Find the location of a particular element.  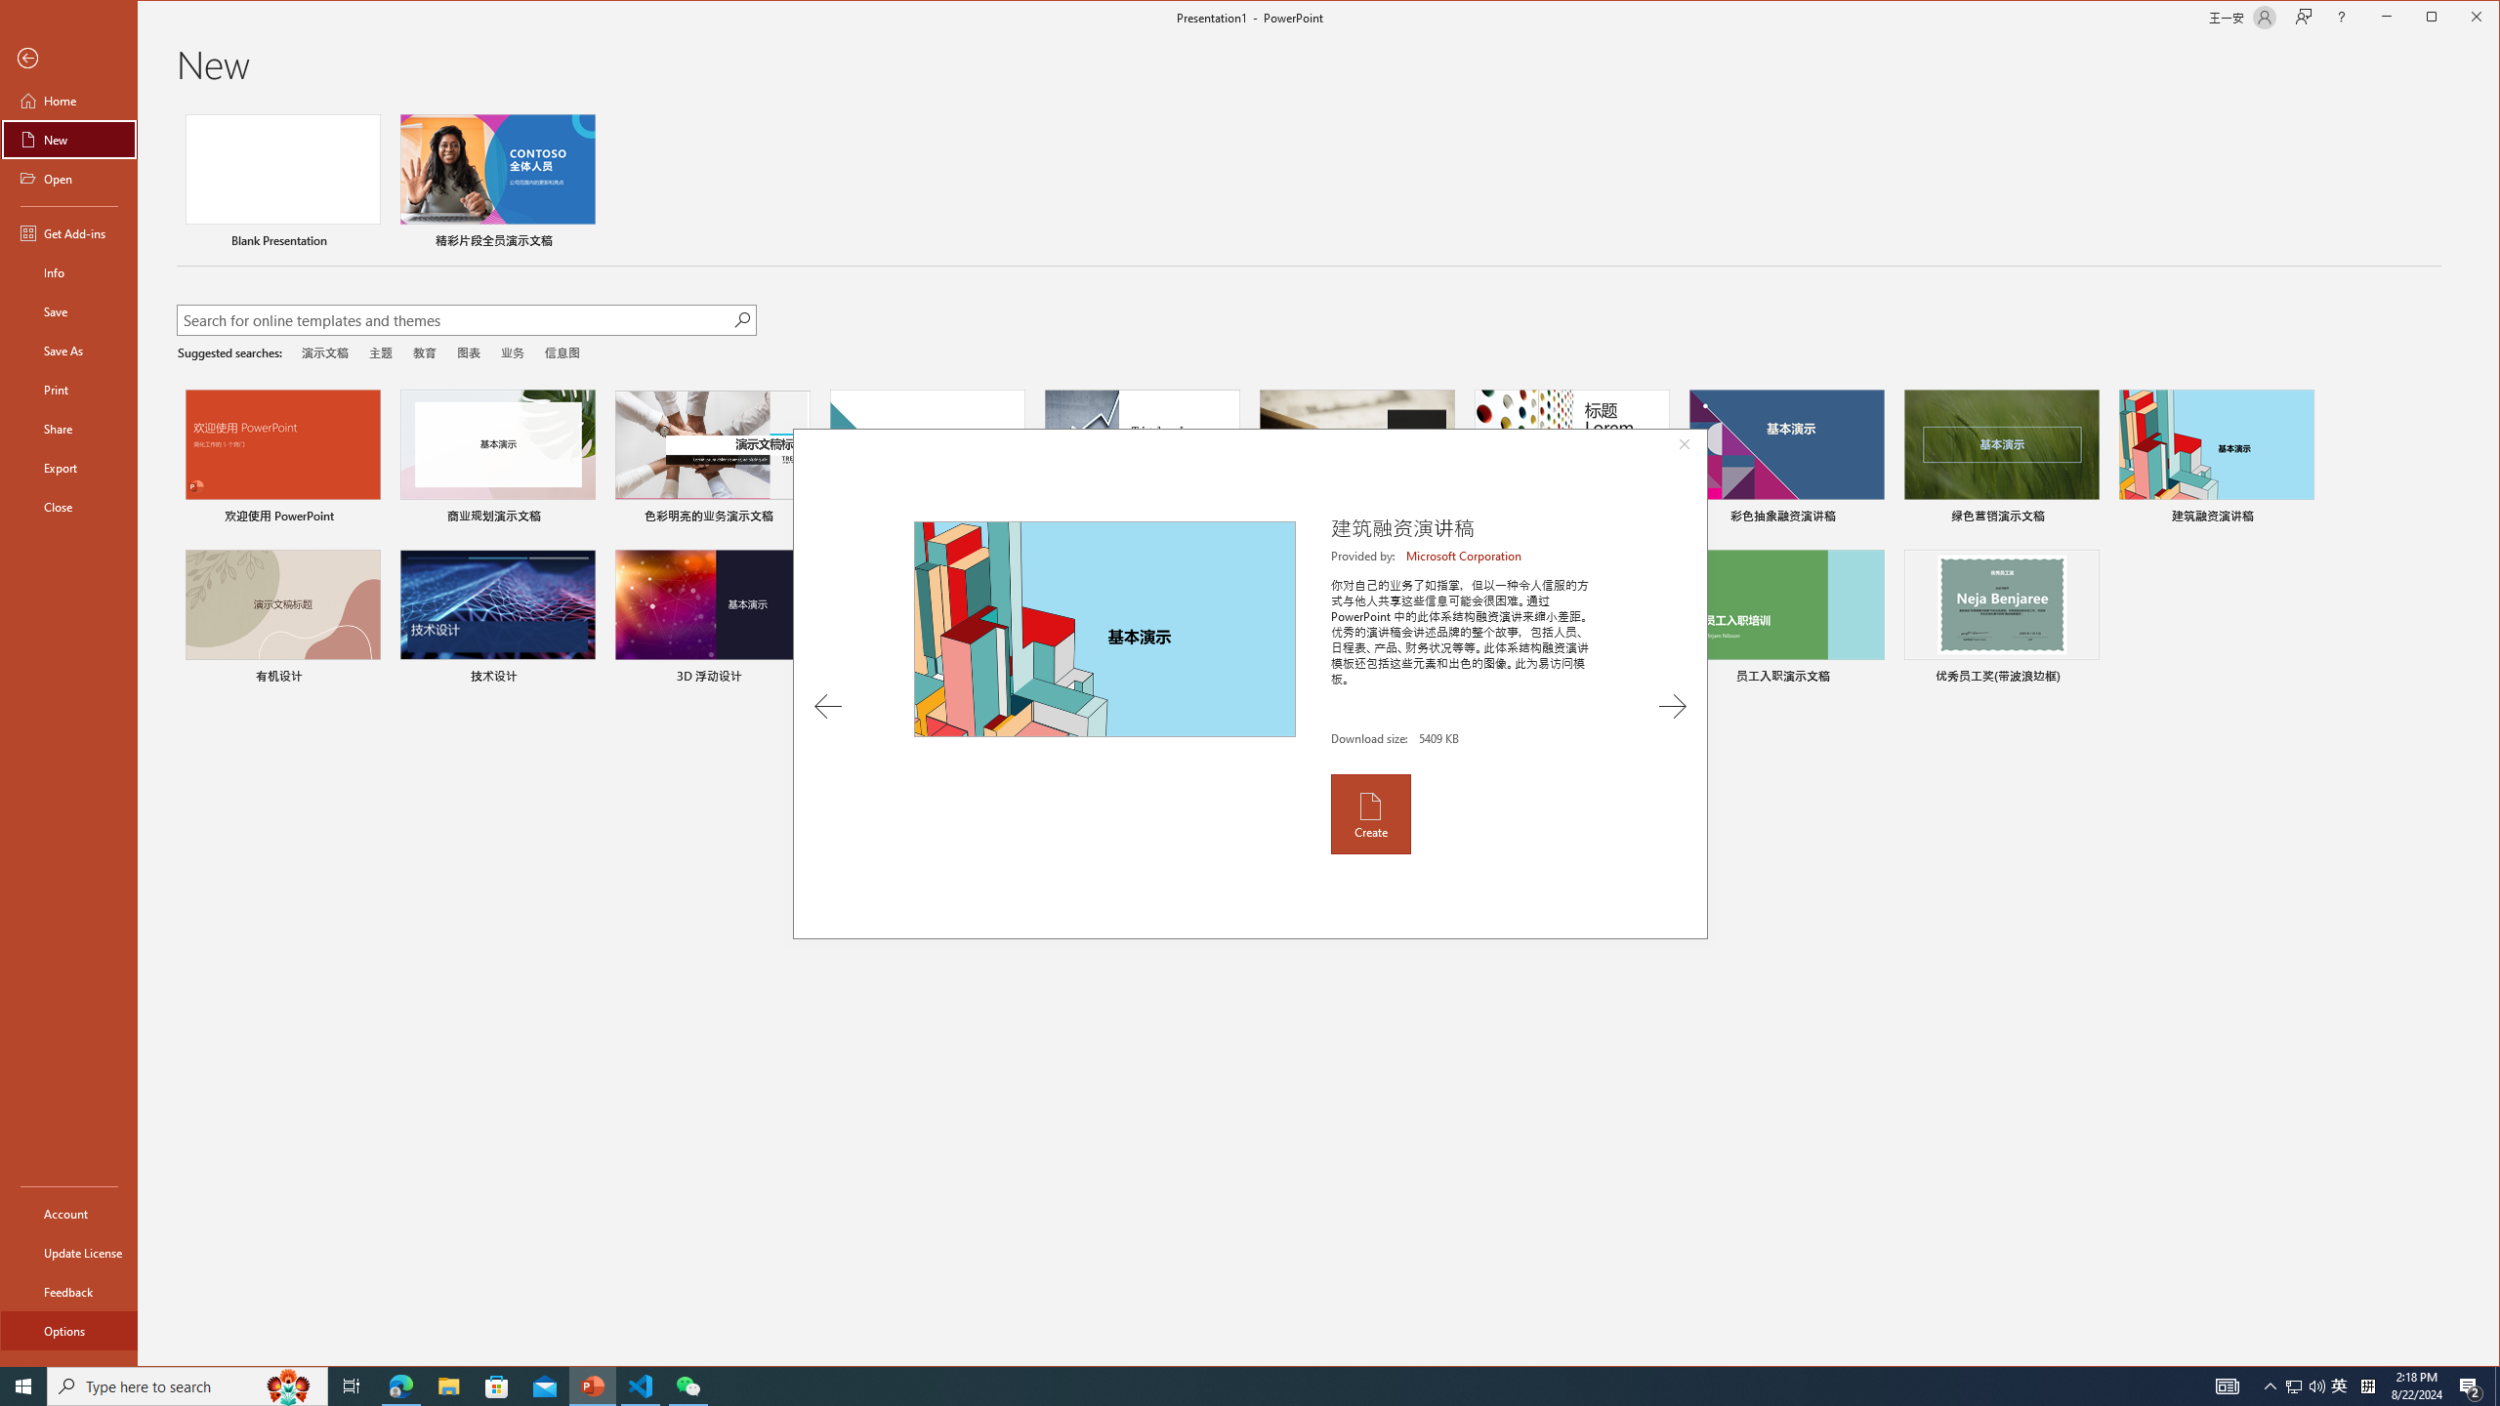

'Options' is located at coordinates (67, 1330).